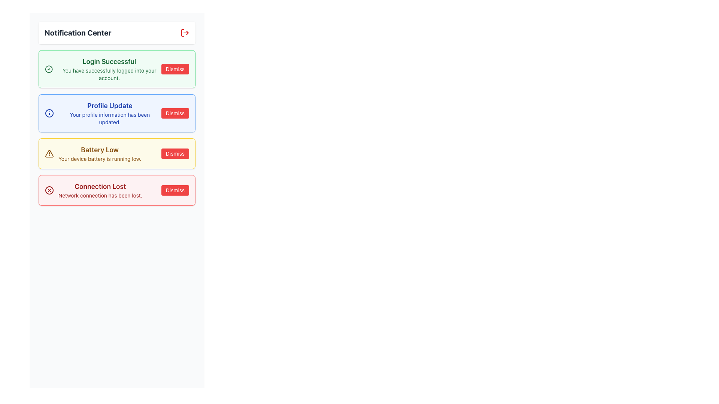 The image size is (719, 404). Describe the element at coordinates (185, 33) in the screenshot. I see `the exit or log-out icon button located at the top right corner of the notification center header` at that location.